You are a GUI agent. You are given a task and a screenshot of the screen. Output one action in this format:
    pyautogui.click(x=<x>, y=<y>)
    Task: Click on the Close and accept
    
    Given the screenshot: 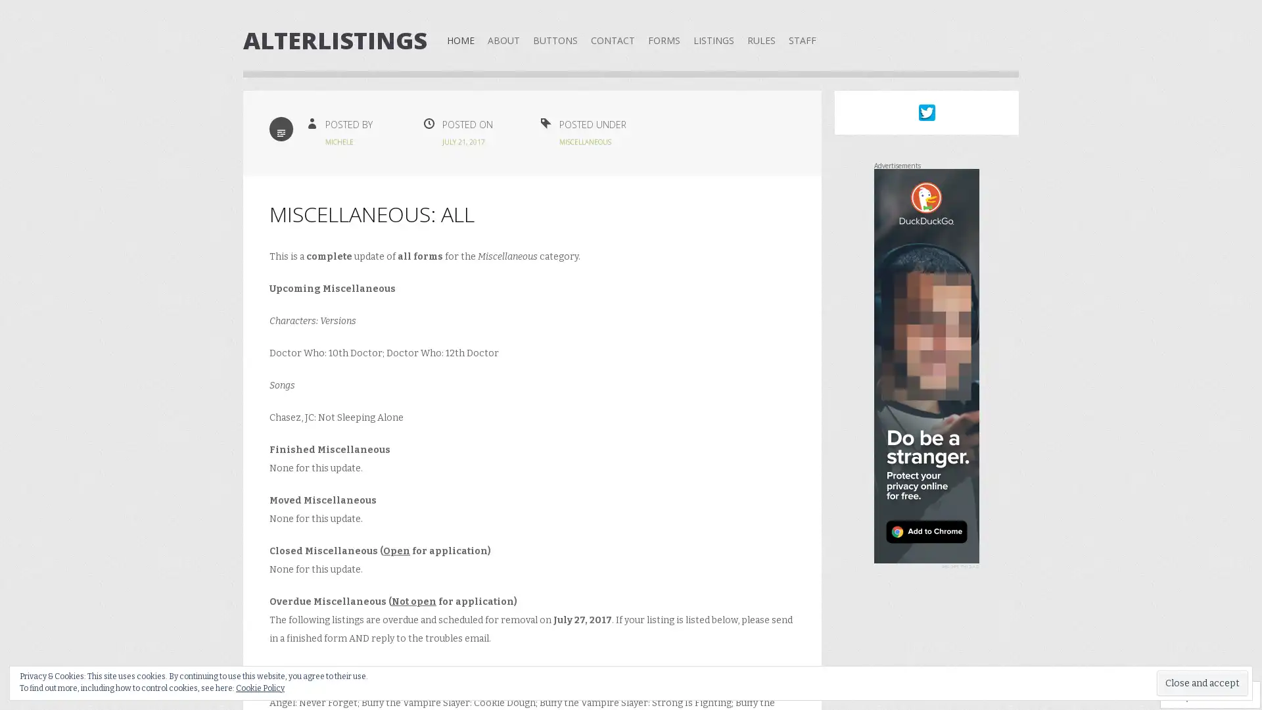 What is the action you would take?
    pyautogui.click(x=1202, y=682)
    